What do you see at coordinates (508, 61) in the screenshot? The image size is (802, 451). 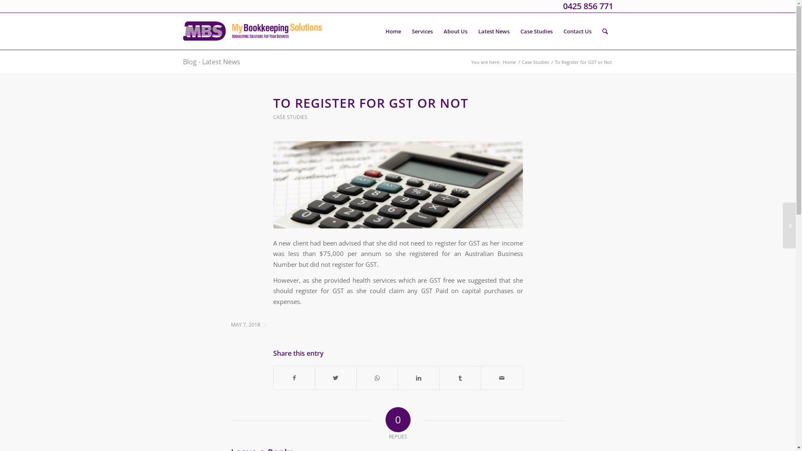 I see `'Home'` at bounding box center [508, 61].